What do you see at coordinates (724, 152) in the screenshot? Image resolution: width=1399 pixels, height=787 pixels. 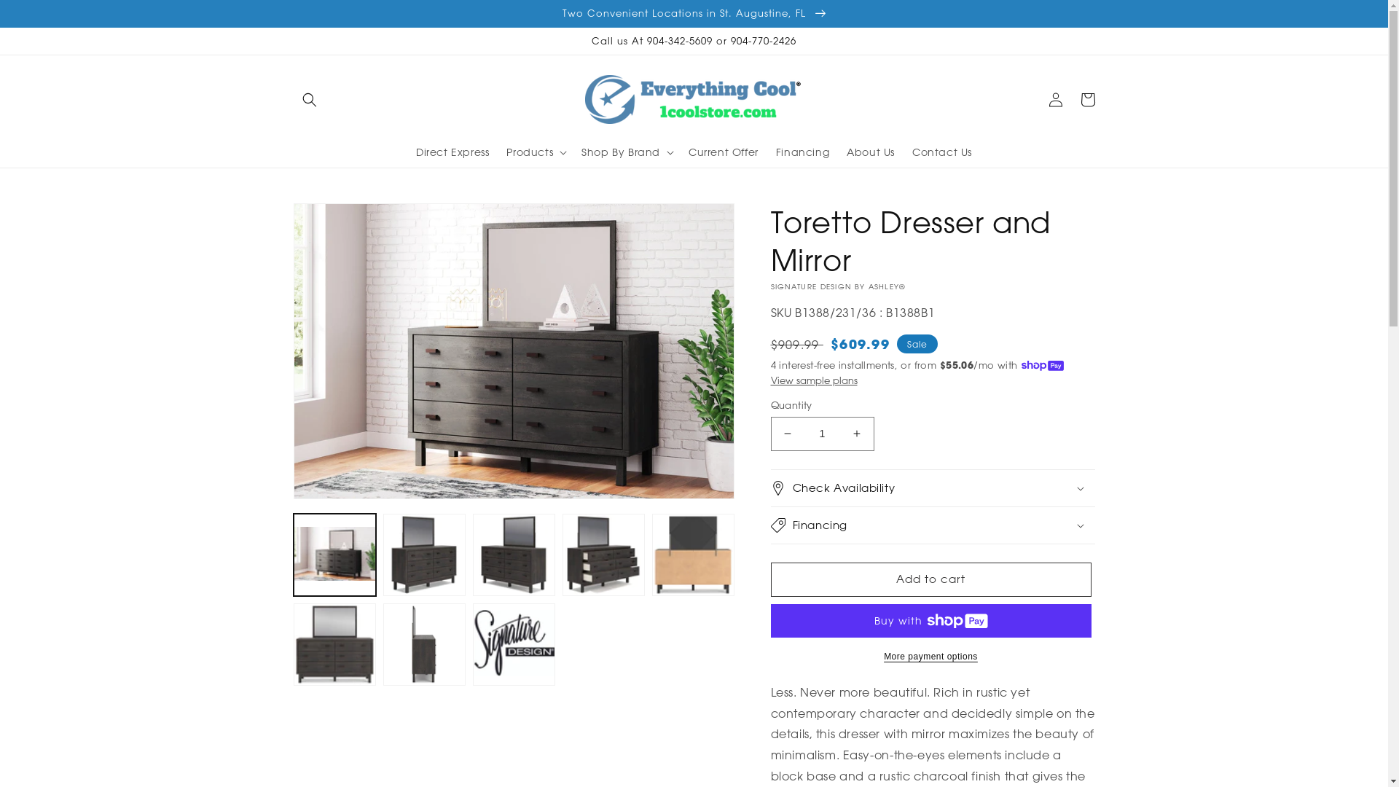 I see `'Current Offer'` at bounding box center [724, 152].